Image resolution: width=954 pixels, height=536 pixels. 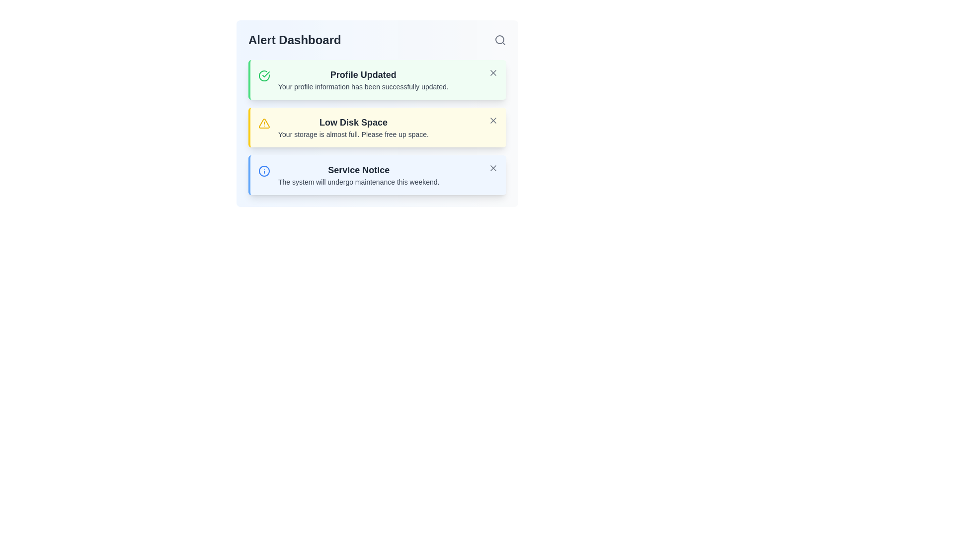 I want to click on the 'Low Disk Space' notification text element, which is the second alert in the Alert Dashboard, displaying a warning about storage space, so click(x=353, y=127).